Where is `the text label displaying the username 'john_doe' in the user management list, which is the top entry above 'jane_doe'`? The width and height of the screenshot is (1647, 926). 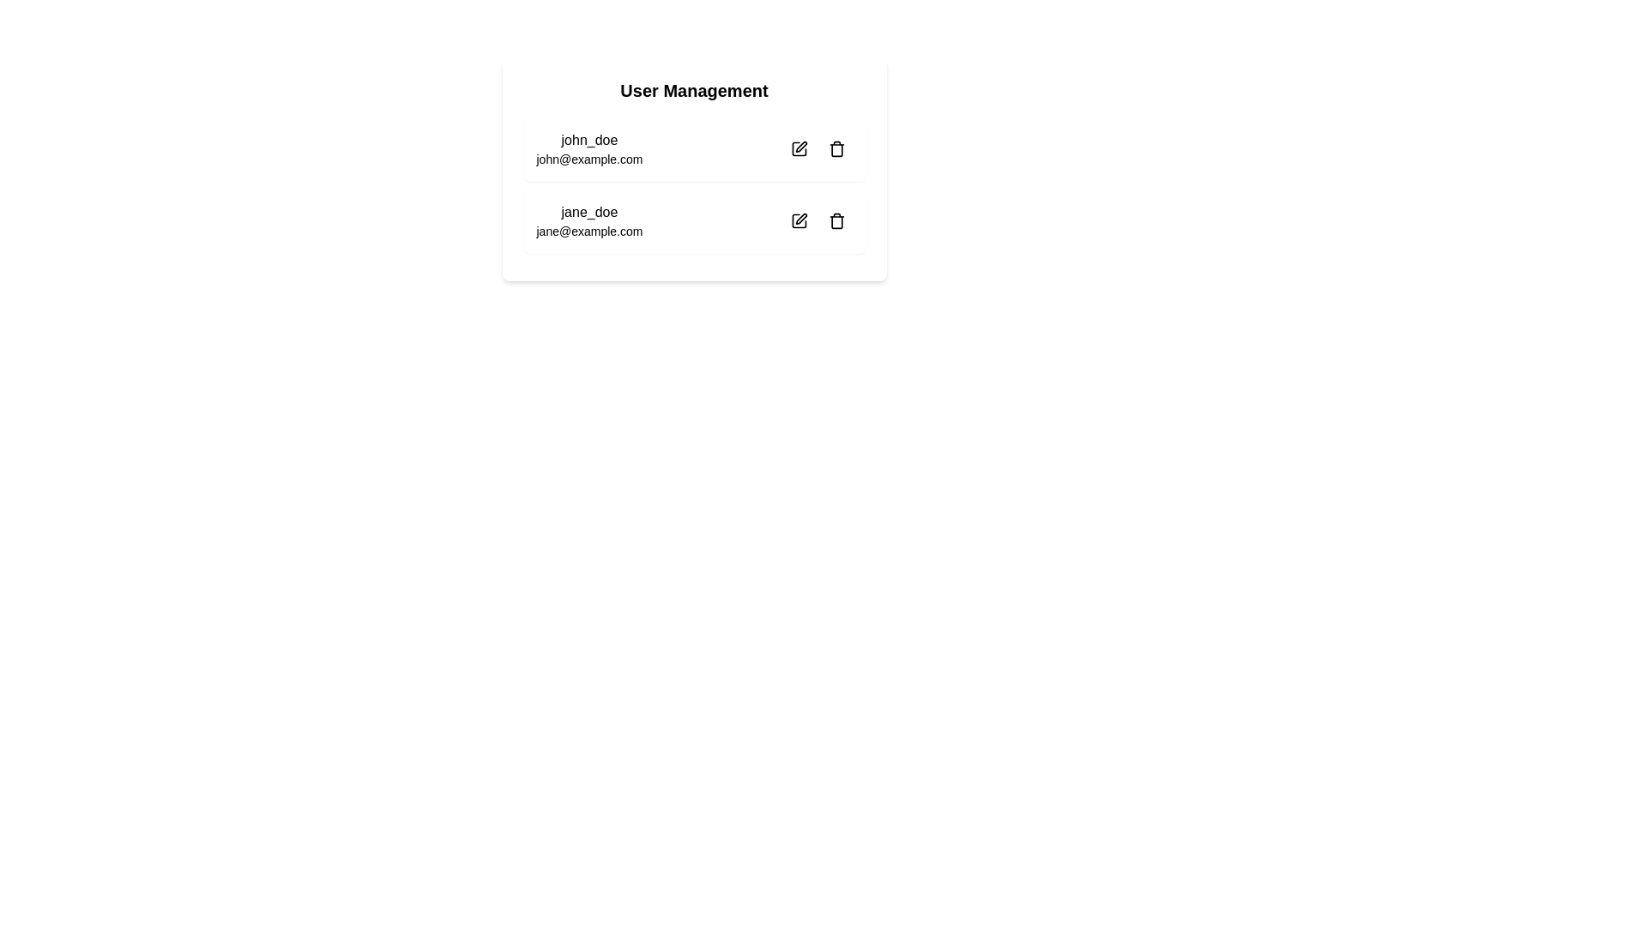 the text label displaying the username 'john_doe' in the user management list, which is the top entry above 'jane_doe' is located at coordinates (589, 140).